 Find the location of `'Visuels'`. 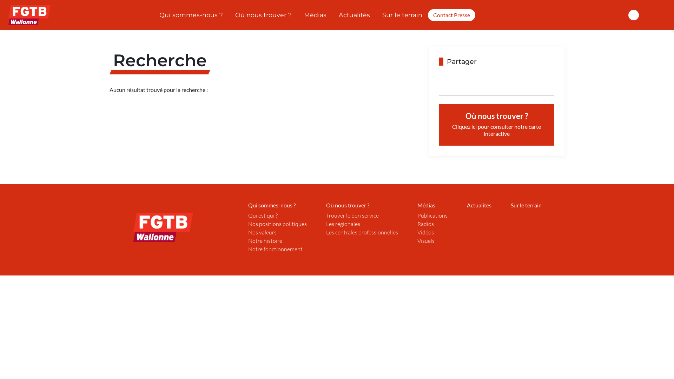

'Visuels' is located at coordinates (425, 240).